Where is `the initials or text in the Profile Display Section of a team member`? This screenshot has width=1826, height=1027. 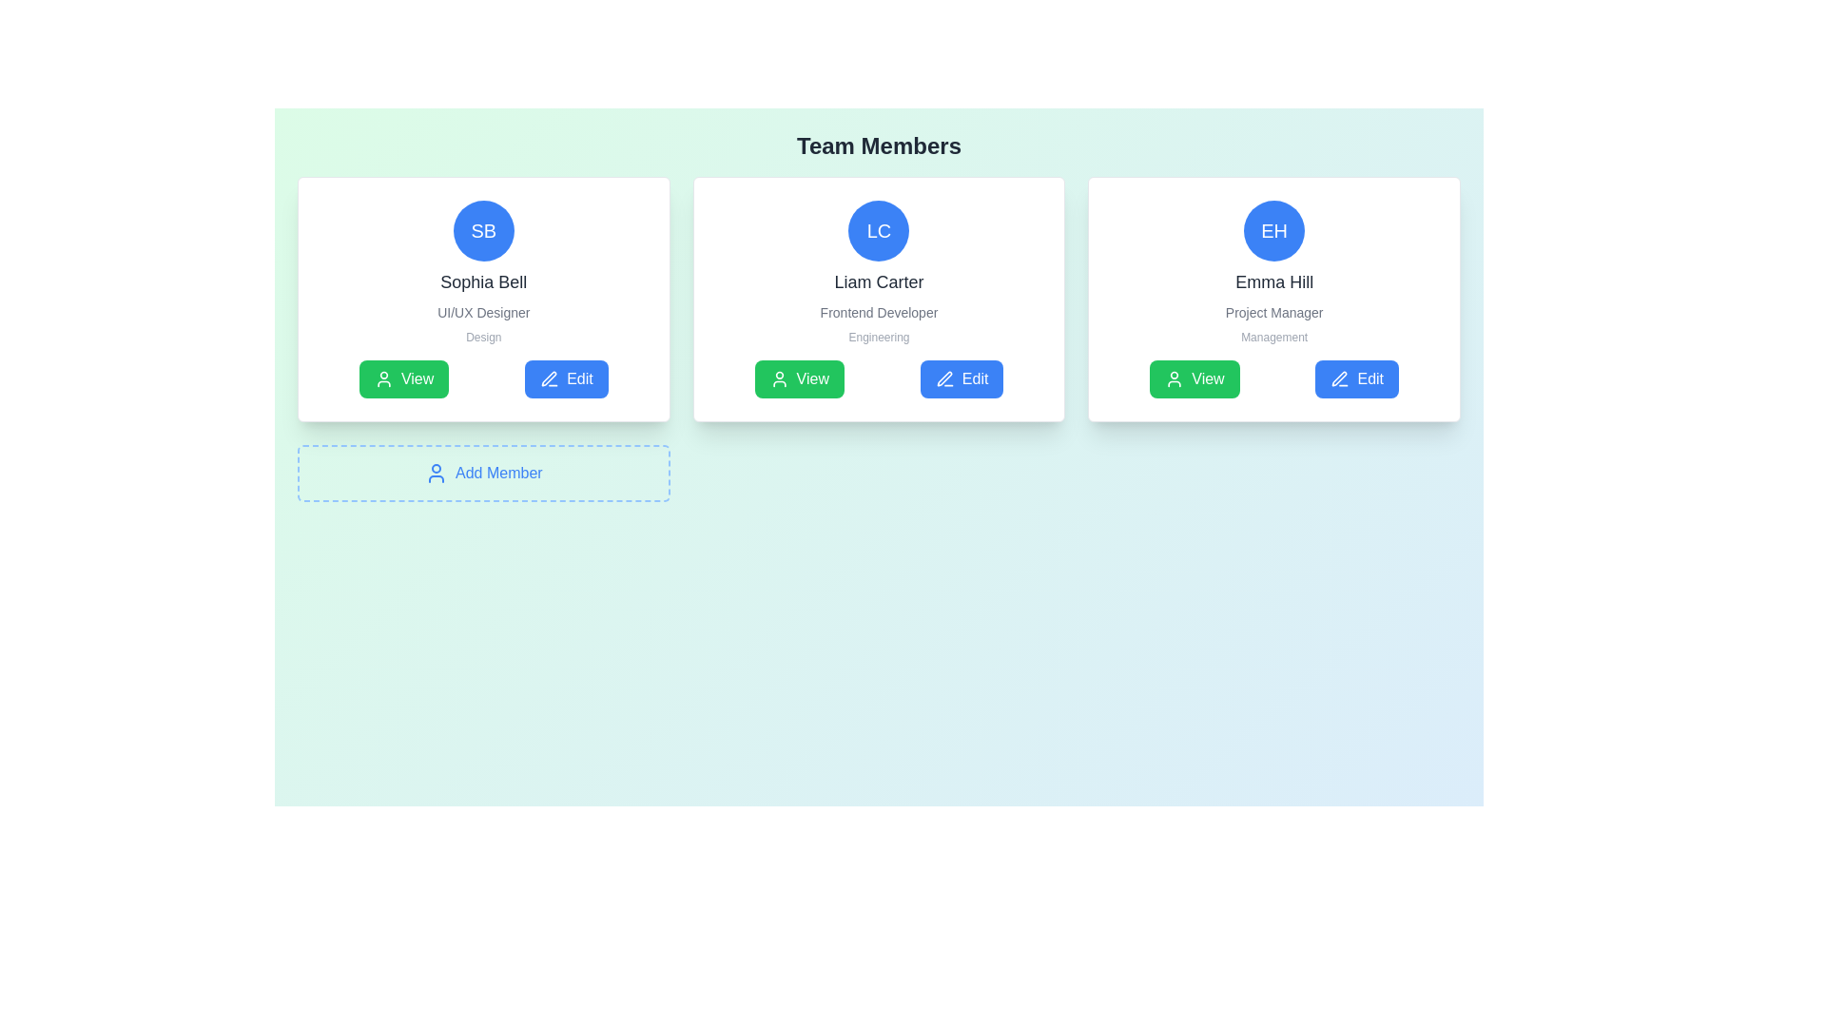
the initials or text in the Profile Display Section of a team member is located at coordinates (878, 272).